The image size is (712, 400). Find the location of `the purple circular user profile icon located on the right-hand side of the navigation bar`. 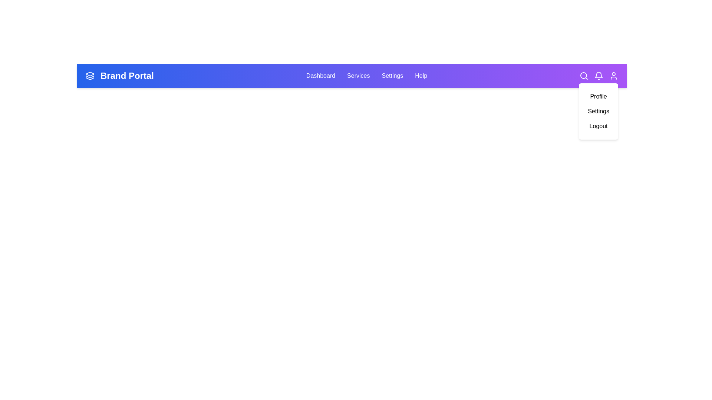

the purple circular user profile icon located on the right-hand side of the navigation bar is located at coordinates (614, 76).